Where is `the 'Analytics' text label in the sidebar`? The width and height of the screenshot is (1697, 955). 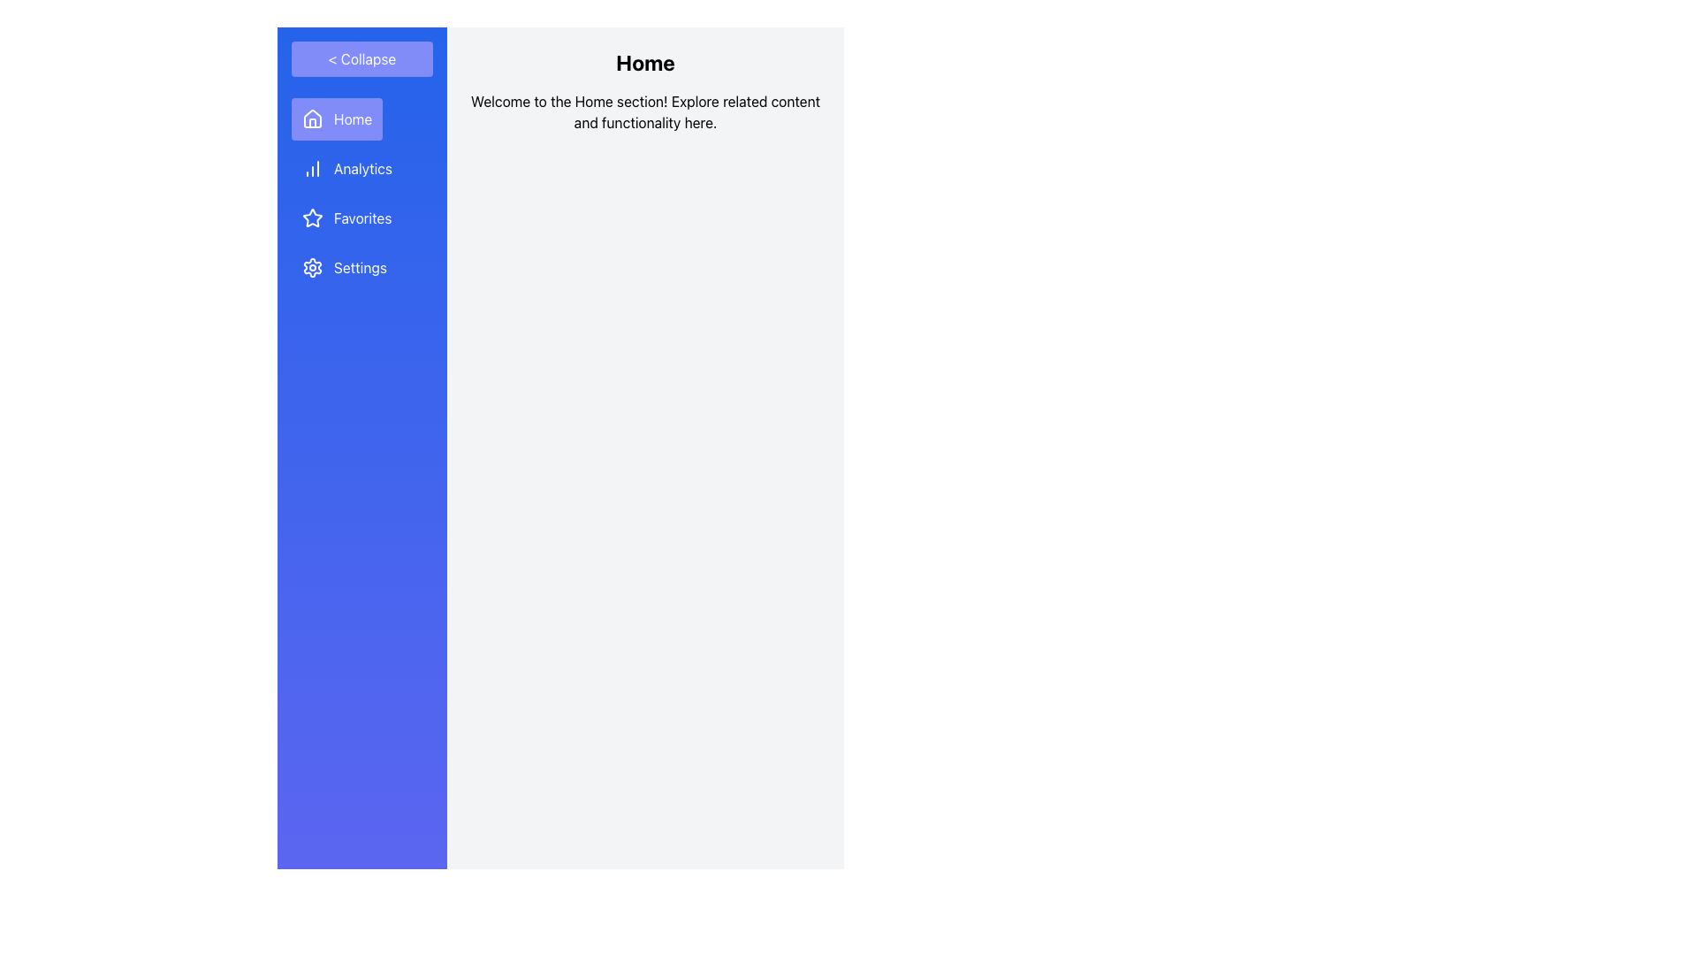
the 'Analytics' text label in the sidebar is located at coordinates (362, 169).